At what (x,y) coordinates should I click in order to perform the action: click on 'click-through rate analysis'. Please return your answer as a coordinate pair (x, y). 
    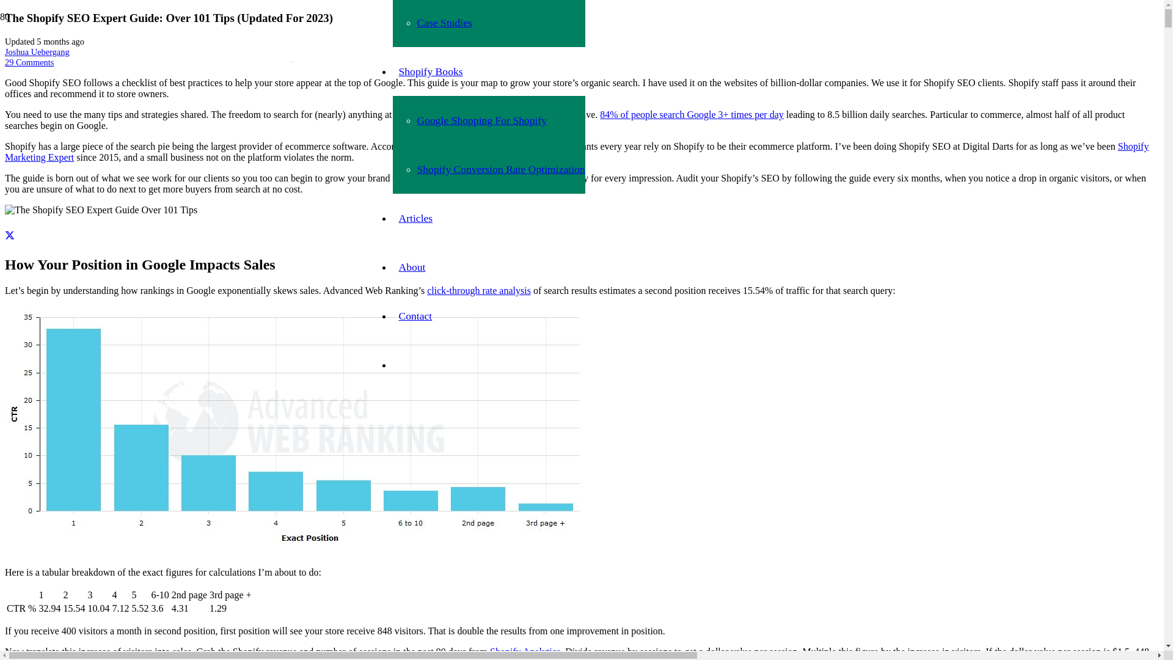
    Looking at the image, I should click on (427, 290).